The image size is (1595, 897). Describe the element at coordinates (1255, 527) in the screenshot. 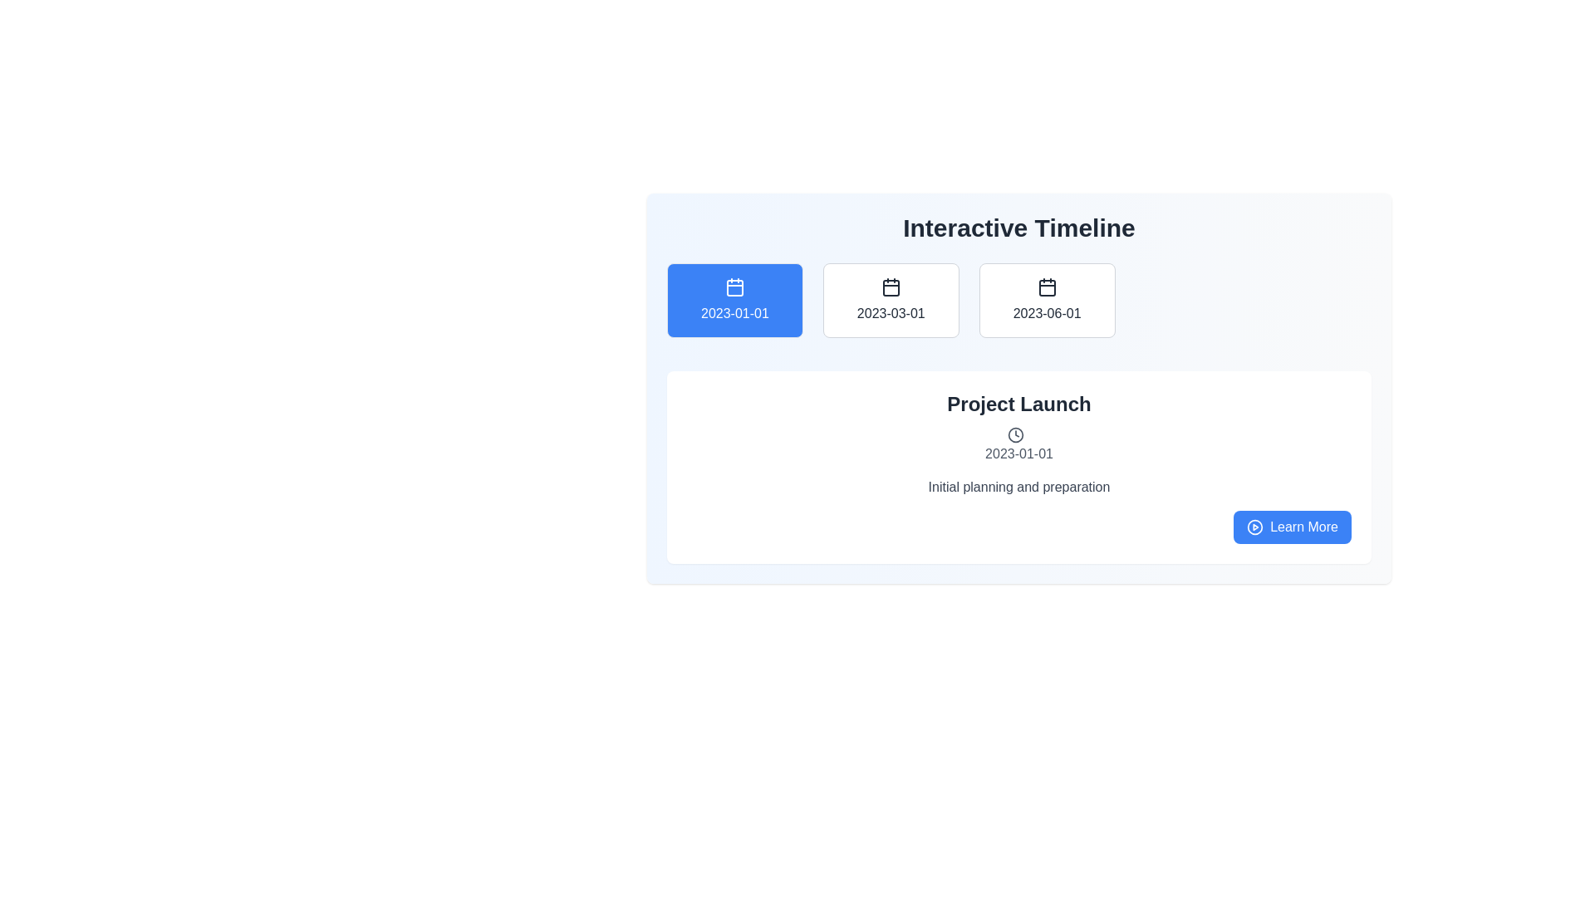

I see `the media playback icon located on the left side of the 'Learn More' button` at that location.